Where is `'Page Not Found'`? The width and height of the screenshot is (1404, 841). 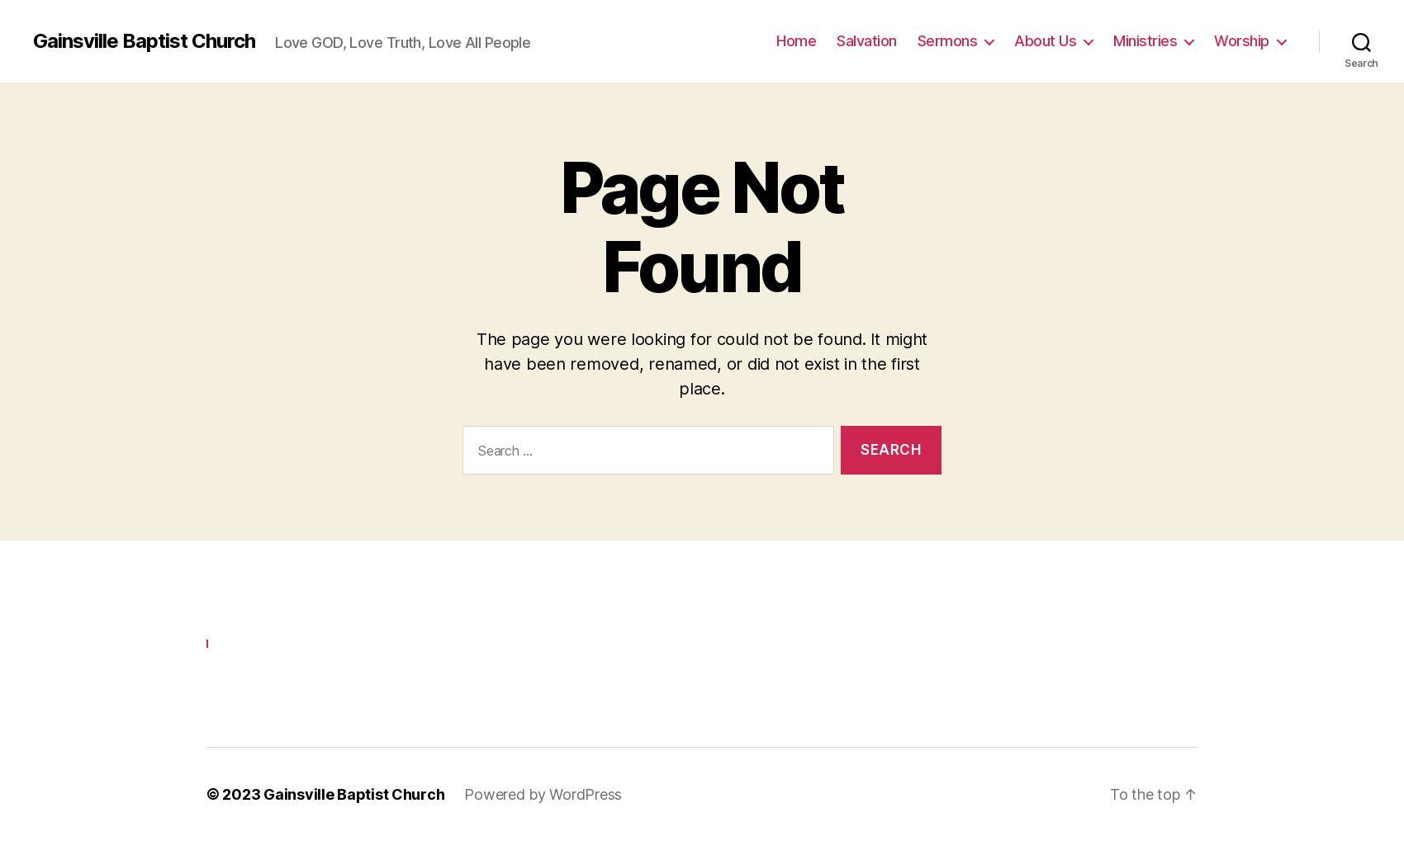
'Page Not Found' is located at coordinates (559, 223).